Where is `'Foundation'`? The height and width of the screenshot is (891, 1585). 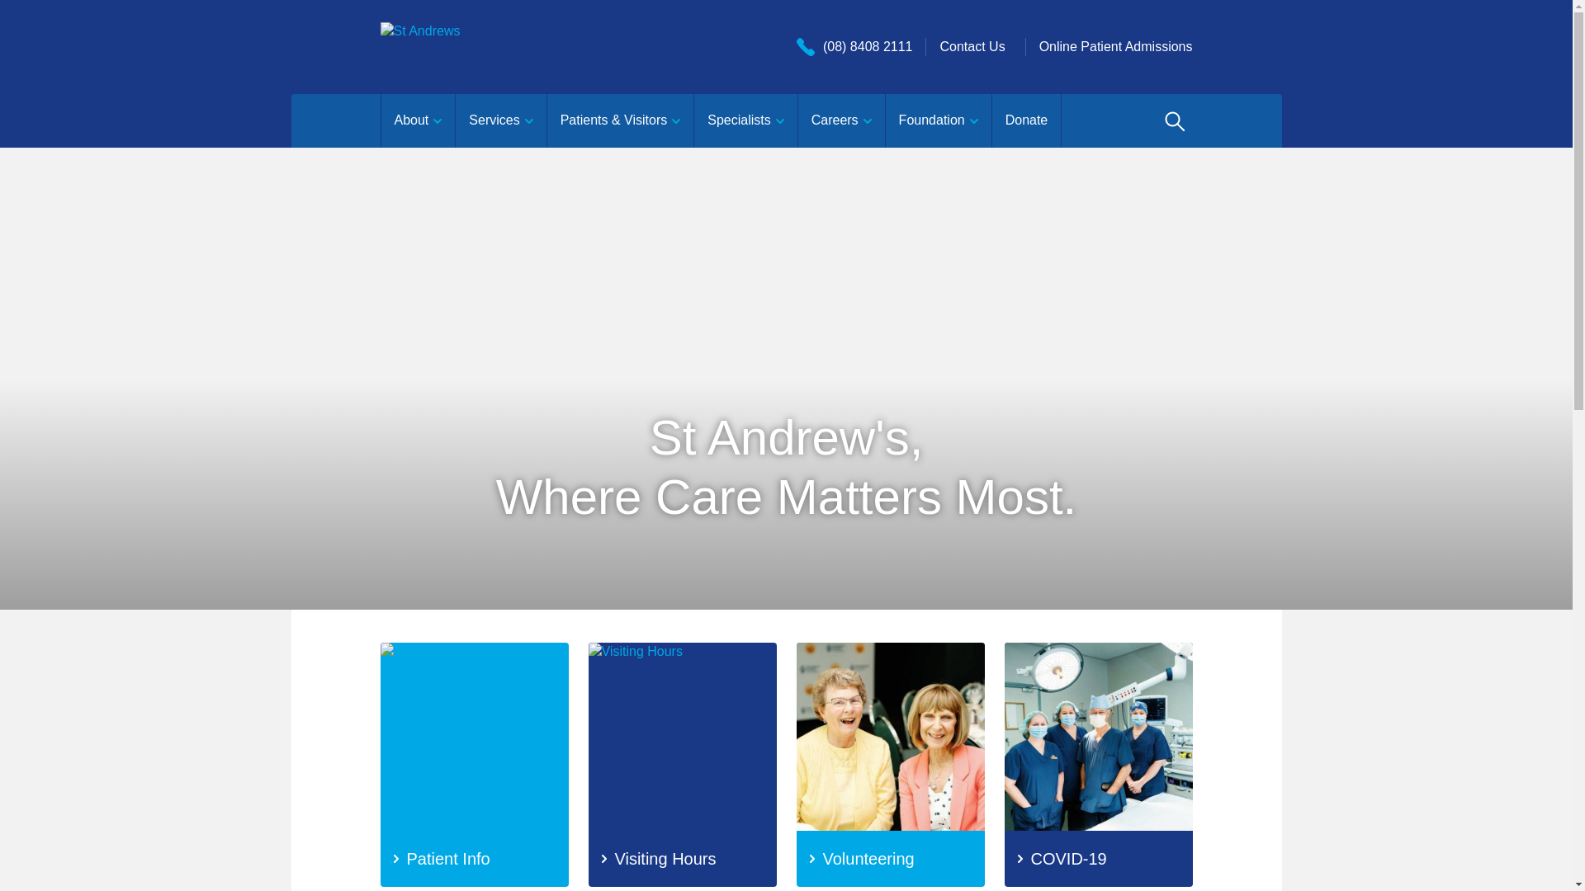
'Foundation' is located at coordinates (938, 120).